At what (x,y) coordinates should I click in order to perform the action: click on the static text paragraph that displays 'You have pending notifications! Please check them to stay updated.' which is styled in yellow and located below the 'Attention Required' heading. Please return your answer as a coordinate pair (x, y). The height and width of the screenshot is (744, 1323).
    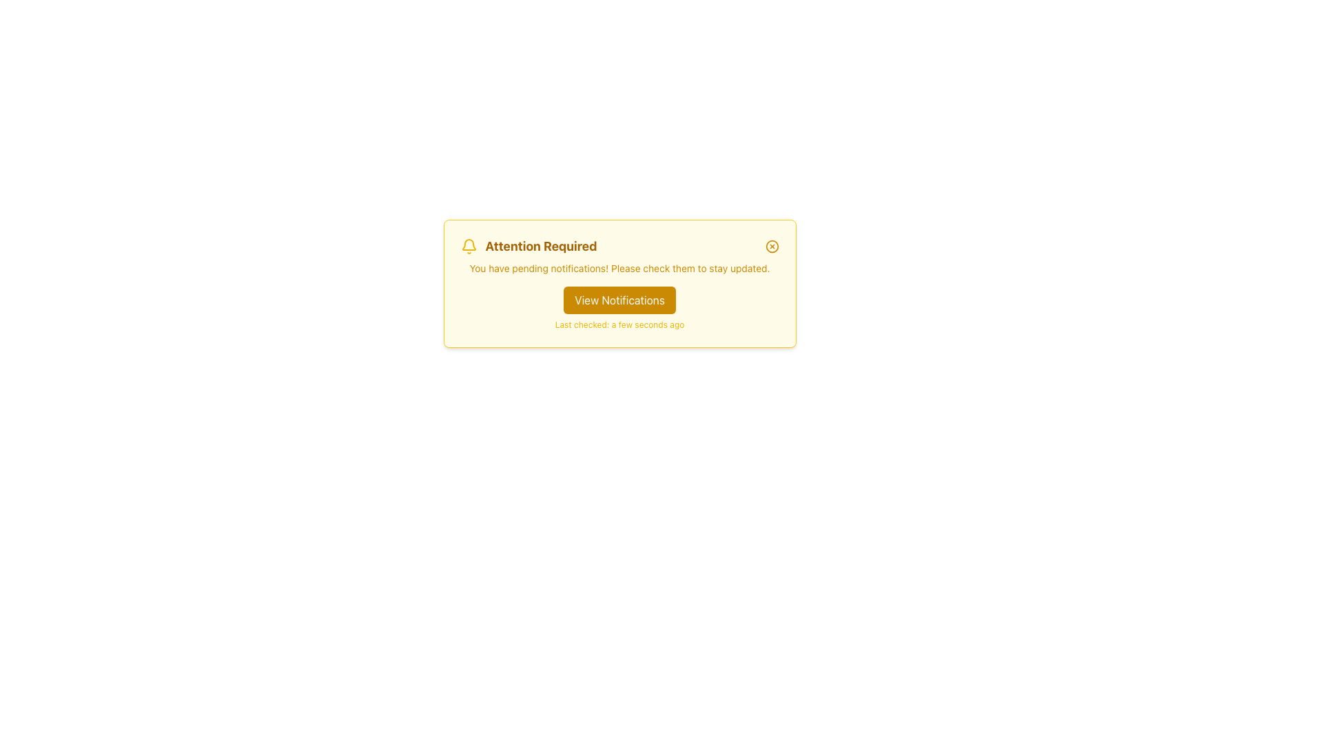
    Looking at the image, I should click on (619, 268).